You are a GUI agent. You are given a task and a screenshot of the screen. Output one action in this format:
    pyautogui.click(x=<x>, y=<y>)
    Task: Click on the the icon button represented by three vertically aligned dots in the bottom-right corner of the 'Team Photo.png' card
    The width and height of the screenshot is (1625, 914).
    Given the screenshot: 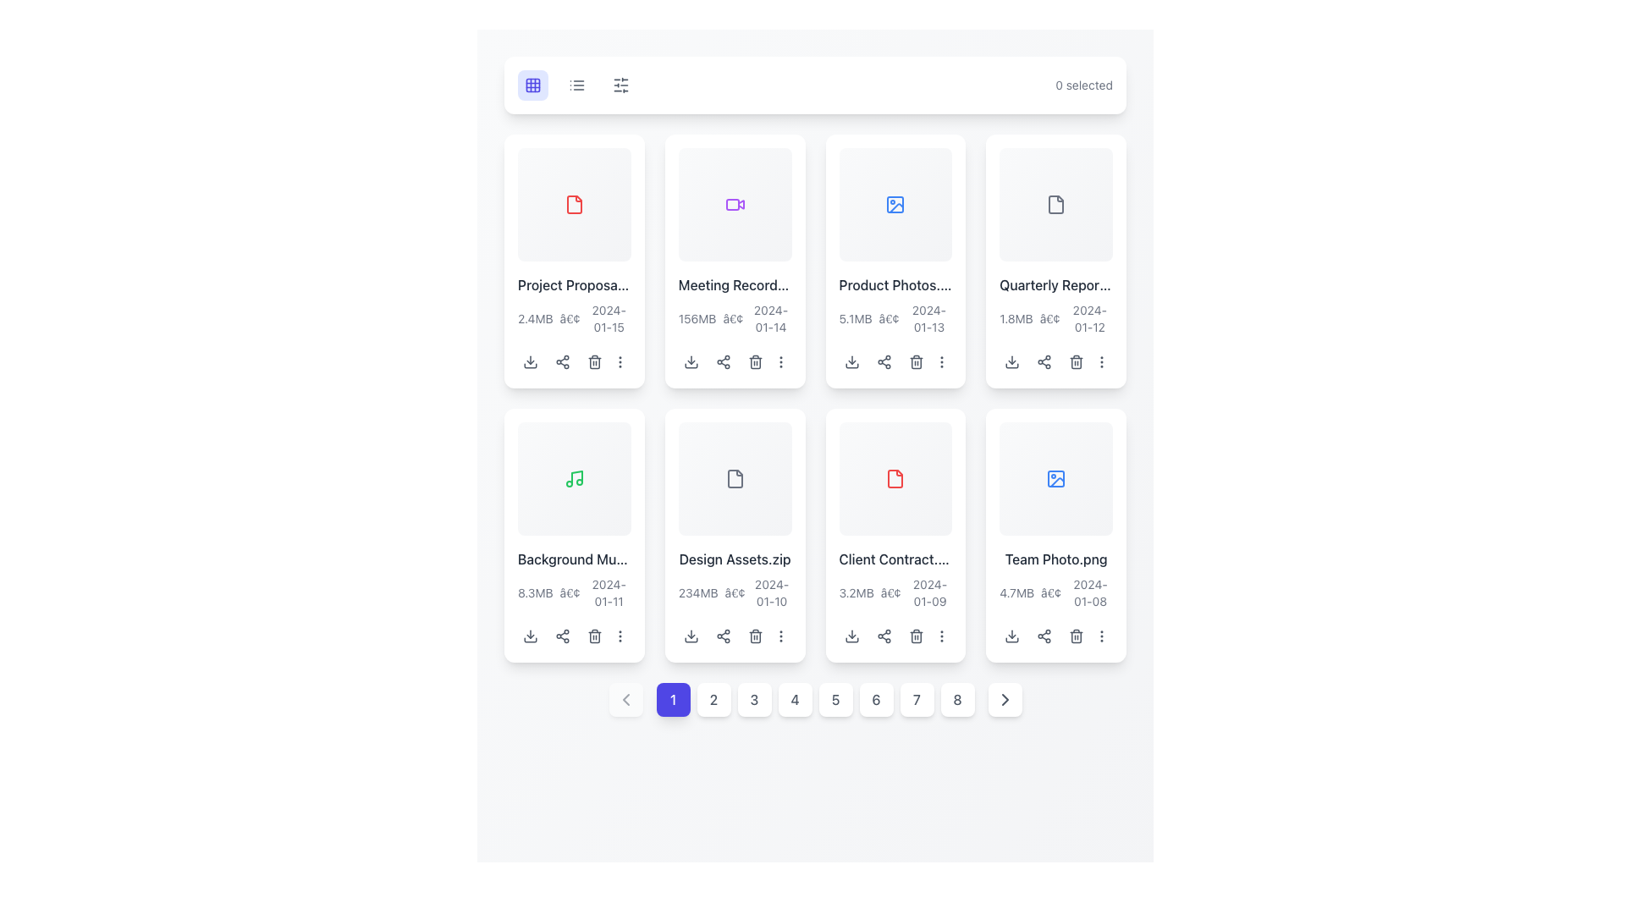 What is the action you would take?
    pyautogui.click(x=1102, y=636)
    